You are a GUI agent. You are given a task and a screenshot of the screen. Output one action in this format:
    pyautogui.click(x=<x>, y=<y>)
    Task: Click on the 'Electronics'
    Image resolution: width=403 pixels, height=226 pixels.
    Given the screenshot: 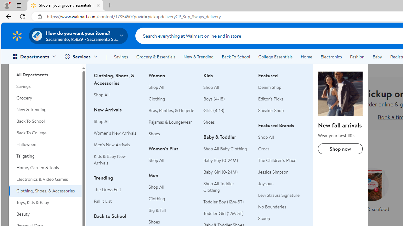 What is the action you would take?
    pyautogui.click(x=331, y=57)
    